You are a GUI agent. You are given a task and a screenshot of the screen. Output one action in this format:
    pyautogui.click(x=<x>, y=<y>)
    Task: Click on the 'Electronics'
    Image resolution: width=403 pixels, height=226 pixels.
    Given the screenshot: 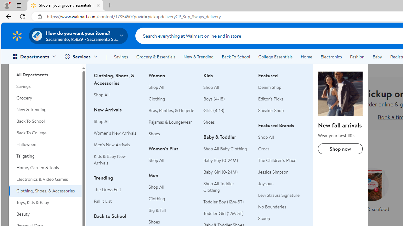 What is the action you would take?
    pyautogui.click(x=331, y=57)
    